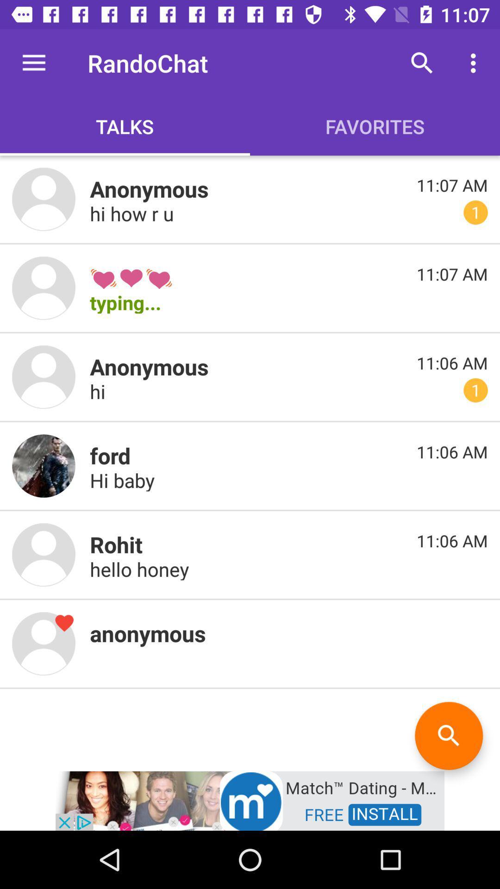  Describe the element at coordinates (44, 288) in the screenshot. I see `profile` at that location.